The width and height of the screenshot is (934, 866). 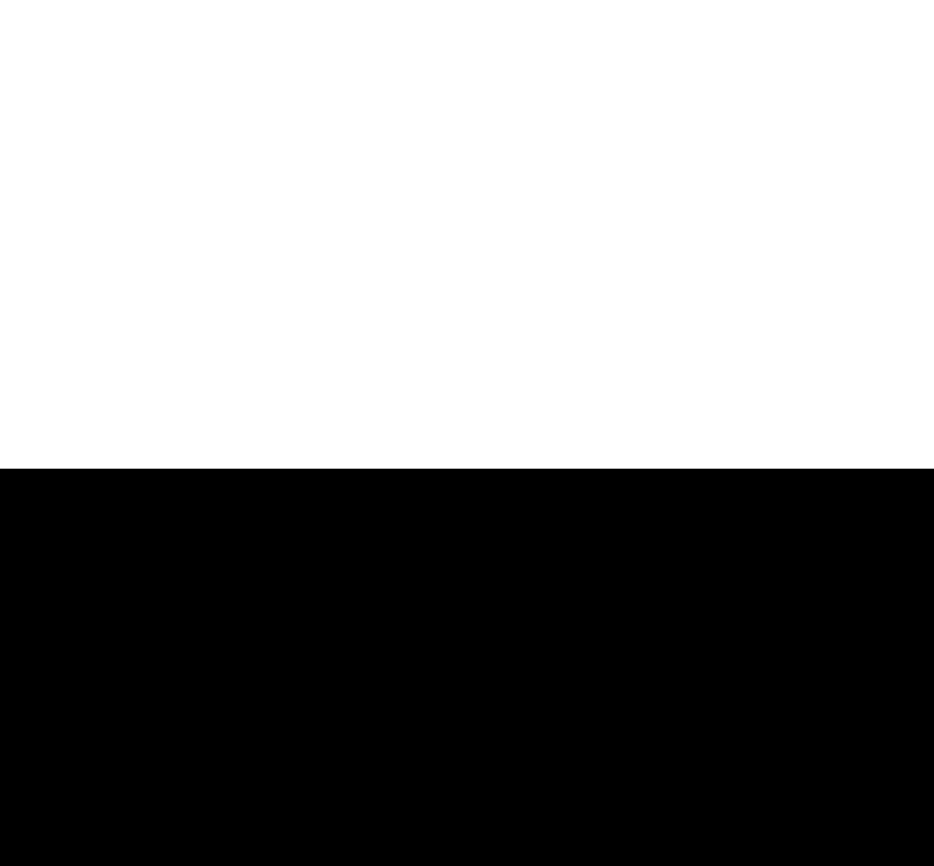 What do you see at coordinates (723, 694) in the screenshot?
I see `'Masthead'` at bounding box center [723, 694].